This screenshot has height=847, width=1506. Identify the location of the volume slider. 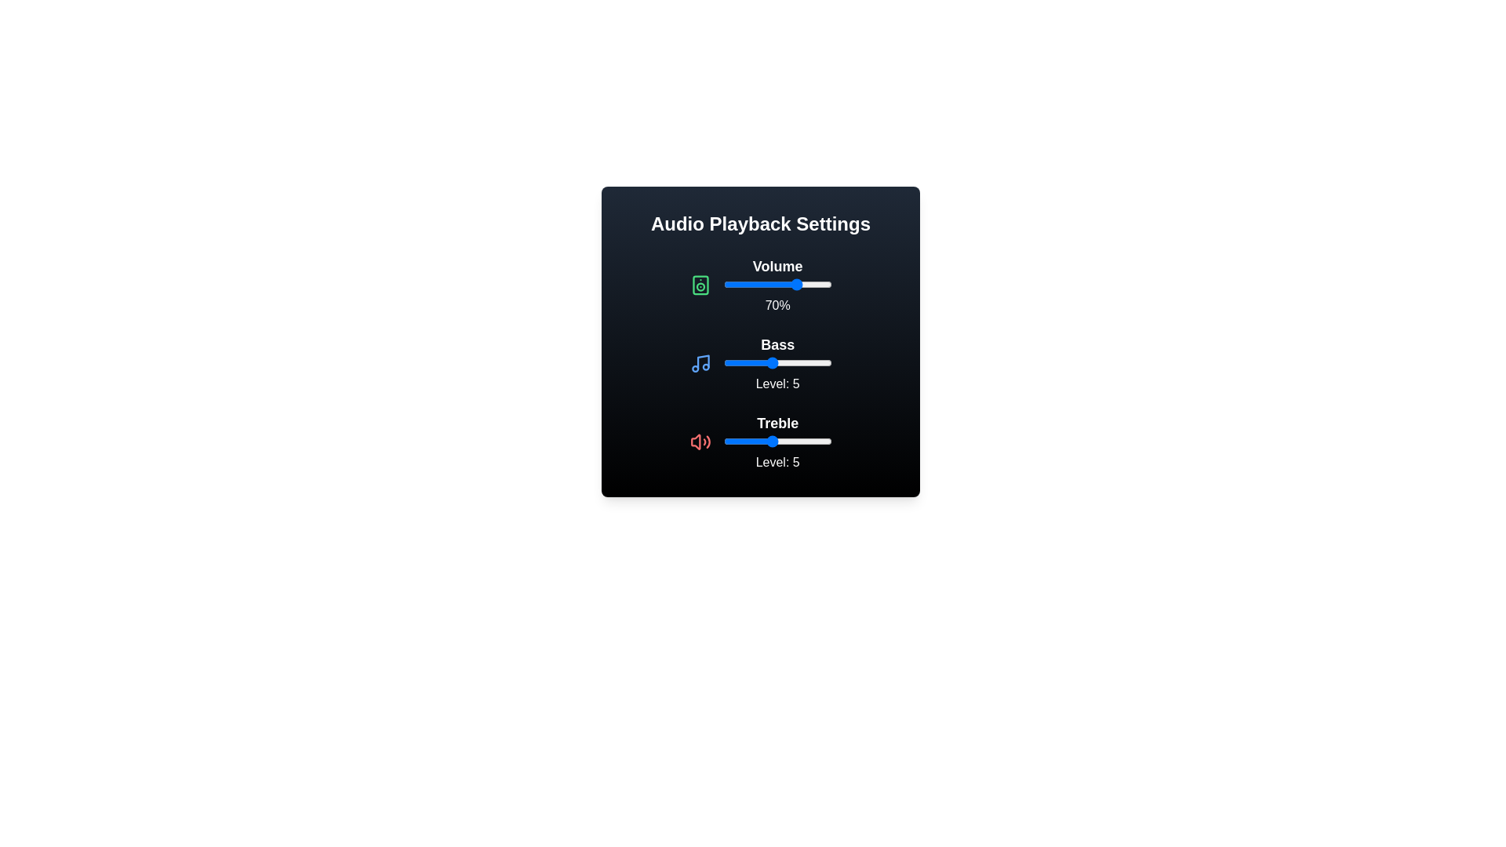
(755, 284).